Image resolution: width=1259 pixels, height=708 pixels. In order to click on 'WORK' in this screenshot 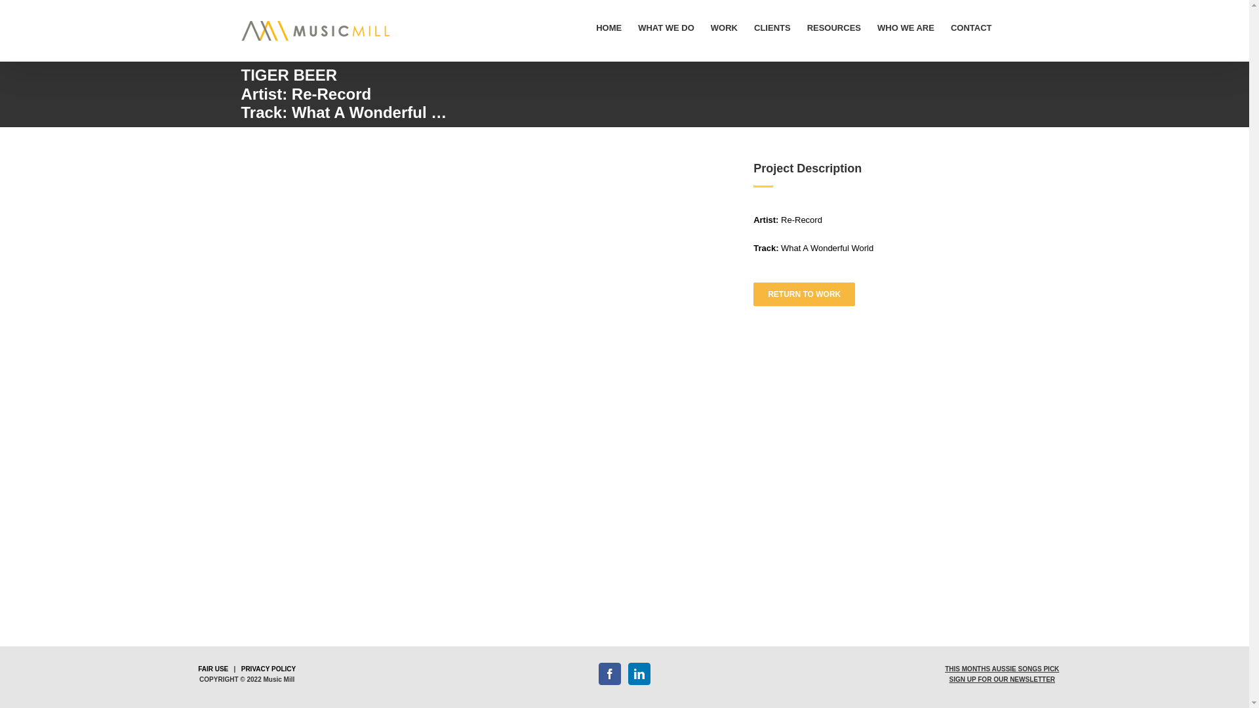, I will do `click(723, 28)`.